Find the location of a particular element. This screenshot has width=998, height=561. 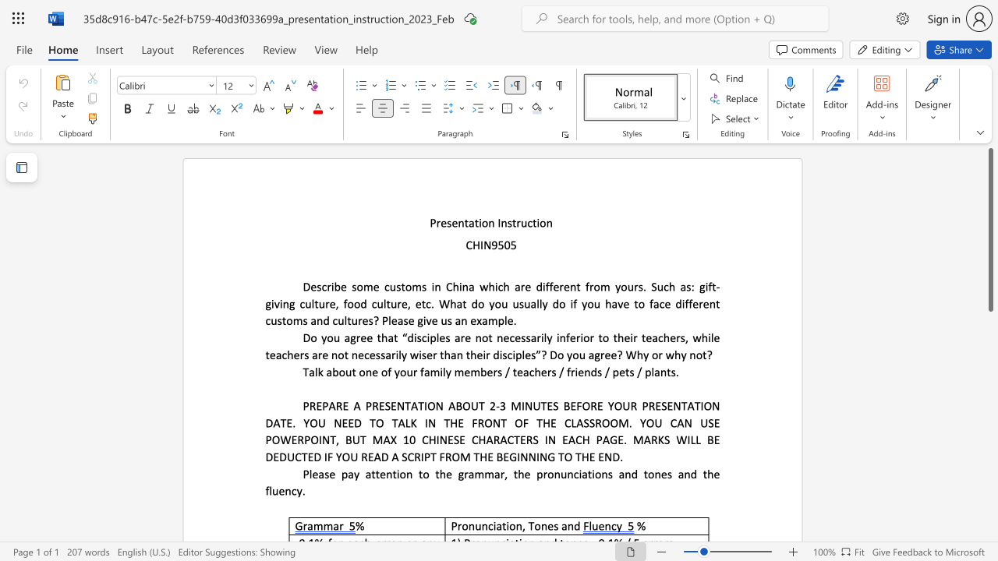

the subset text "ia" within the text "Pronunciation," is located at coordinates (492, 526).